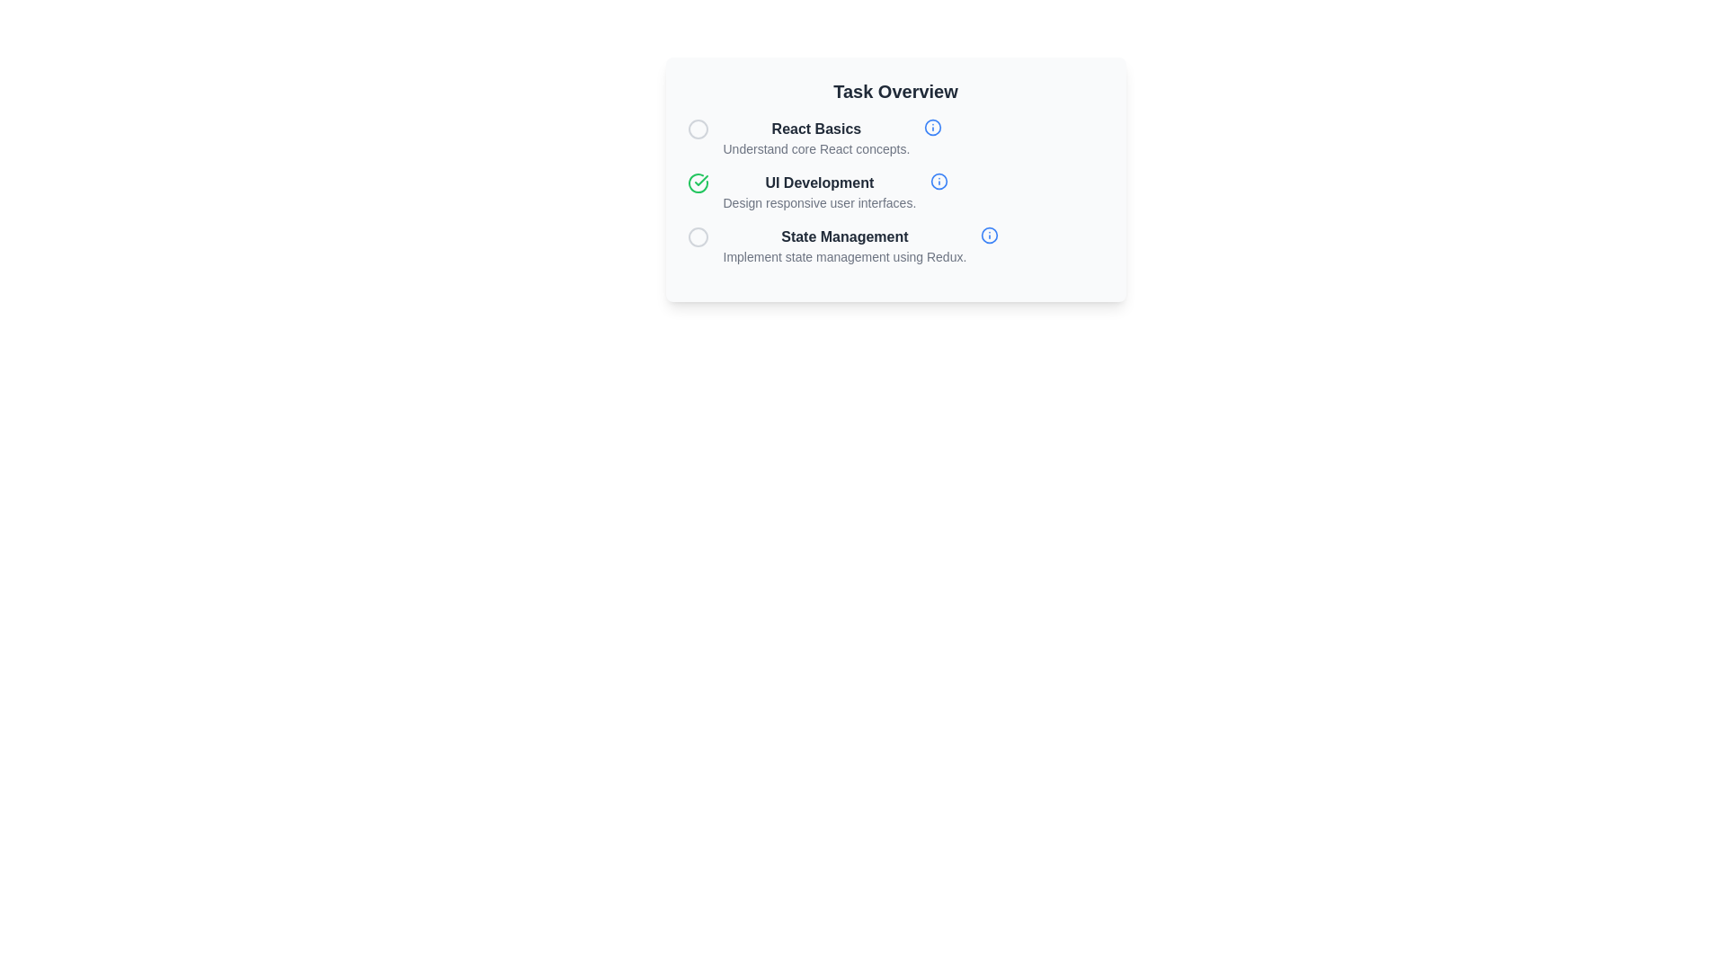 This screenshot has height=971, width=1726. Describe the element at coordinates (843, 245) in the screenshot. I see `the Text Block that serves as a title and description for a task item related` at that location.